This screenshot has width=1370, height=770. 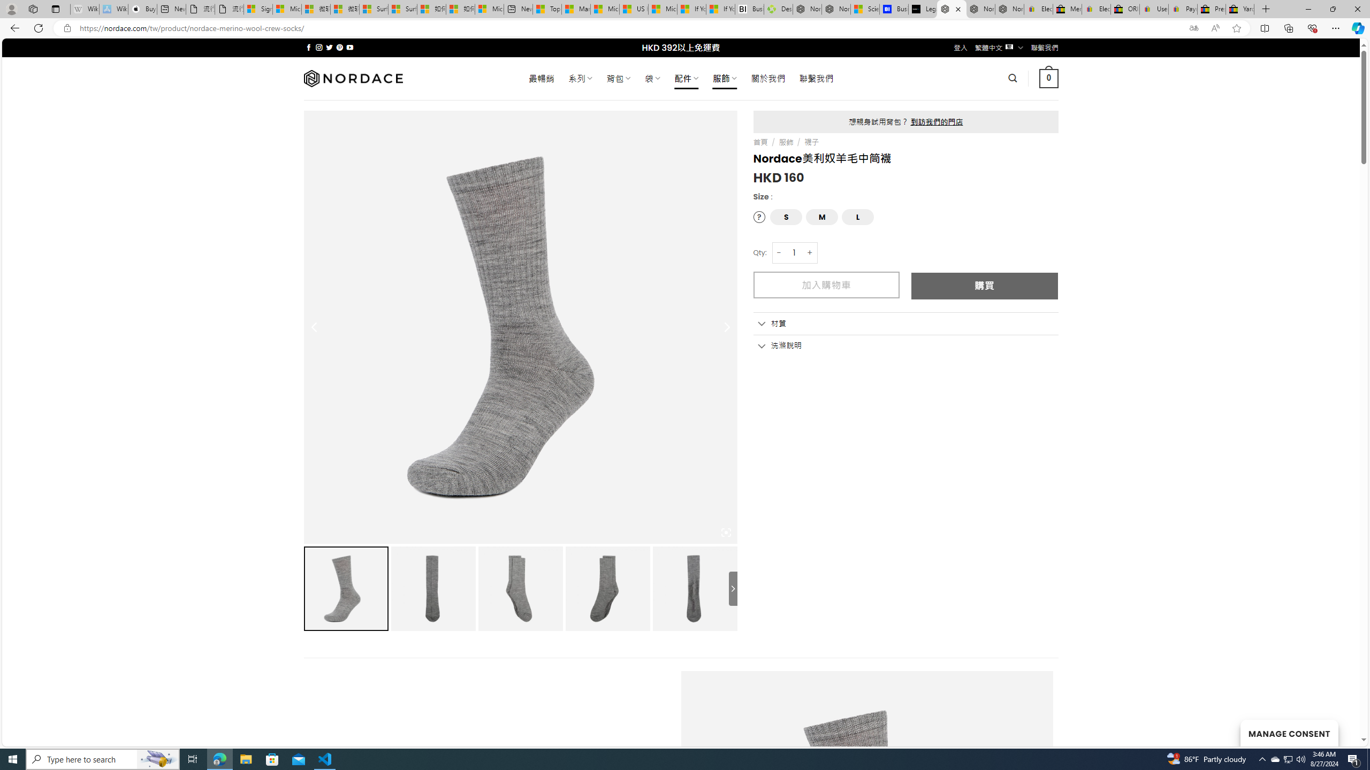 I want to click on '-', so click(x=779, y=252).